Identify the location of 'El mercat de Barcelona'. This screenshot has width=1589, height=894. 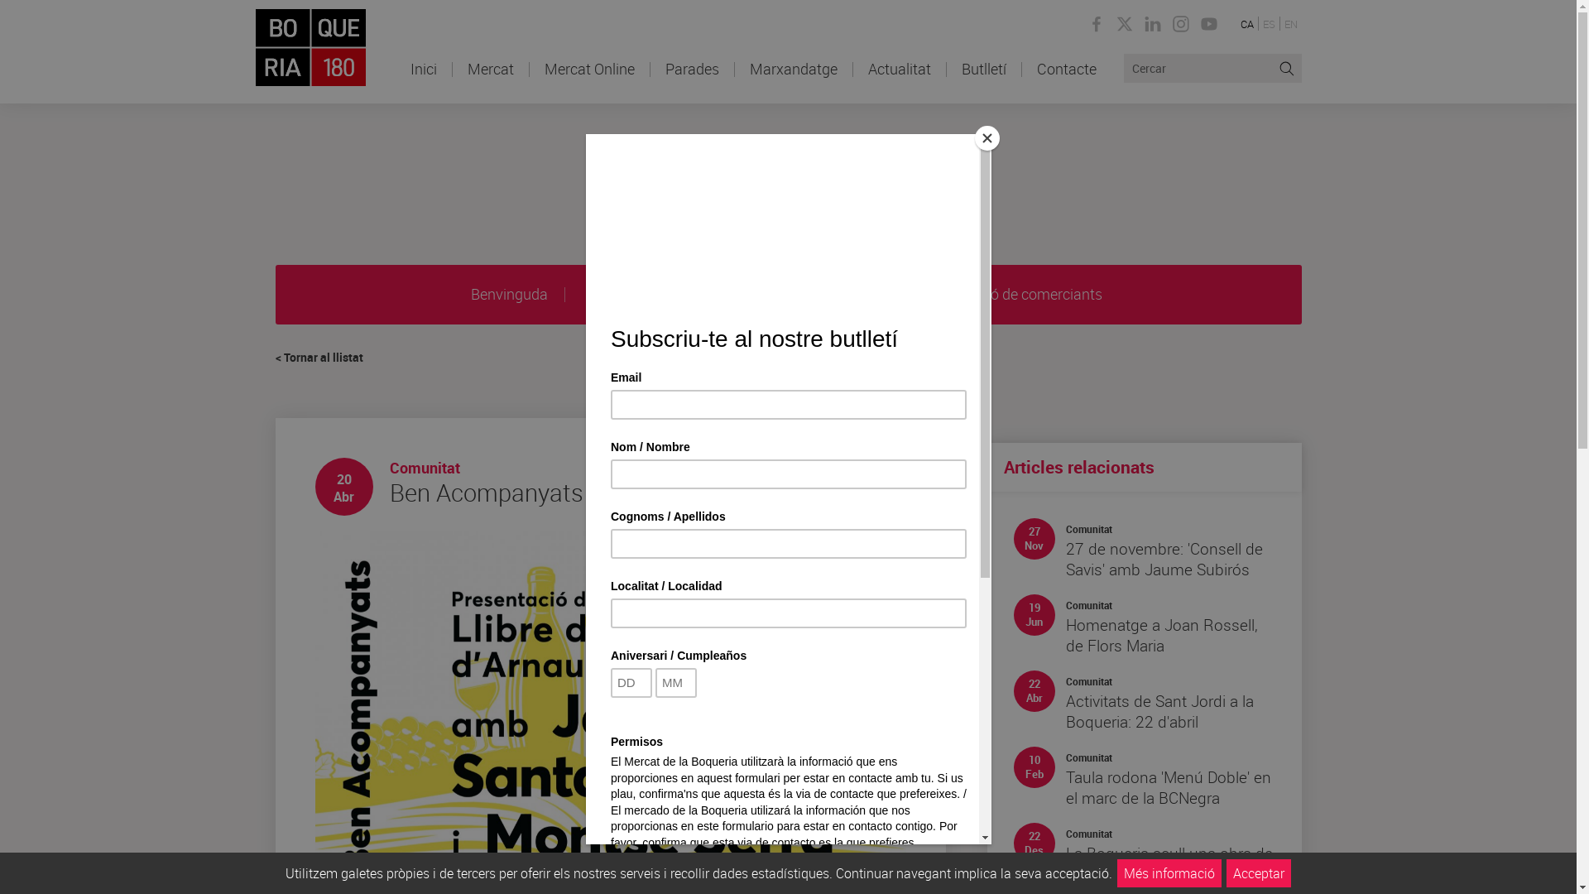
(310, 46).